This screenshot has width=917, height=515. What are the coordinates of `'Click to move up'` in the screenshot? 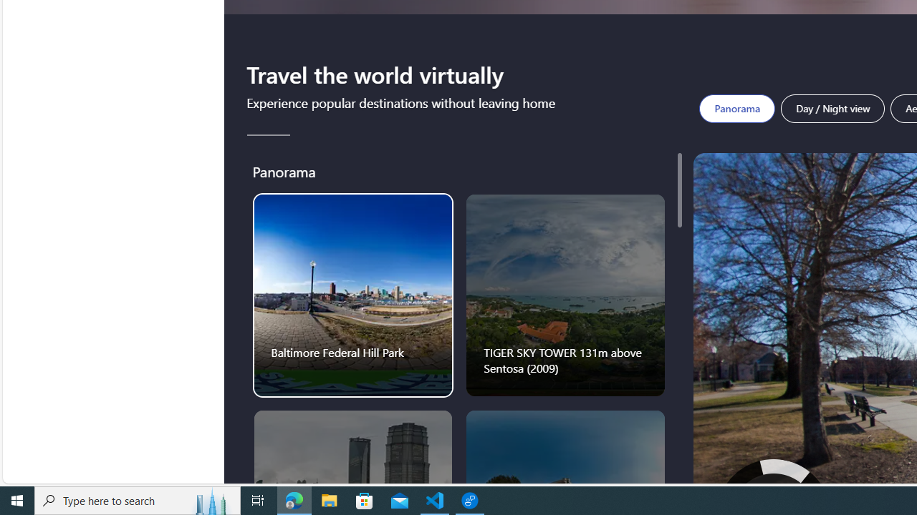 It's located at (773, 493).